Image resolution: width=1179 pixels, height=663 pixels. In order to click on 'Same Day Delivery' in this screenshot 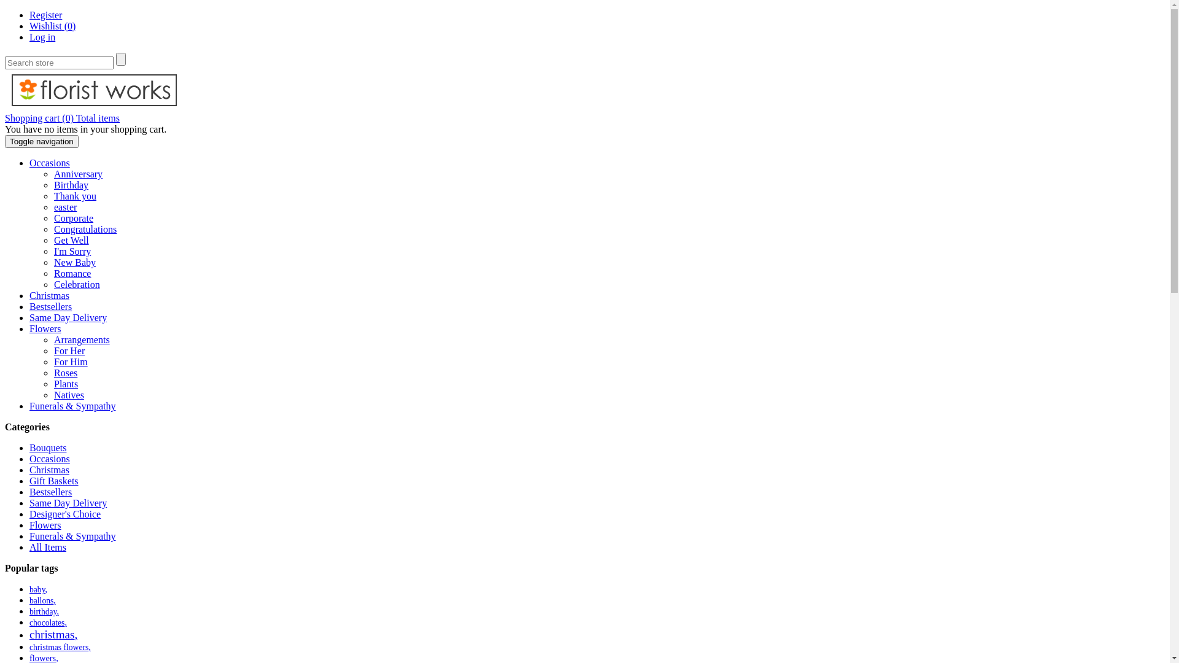, I will do `click(67, 317)`.